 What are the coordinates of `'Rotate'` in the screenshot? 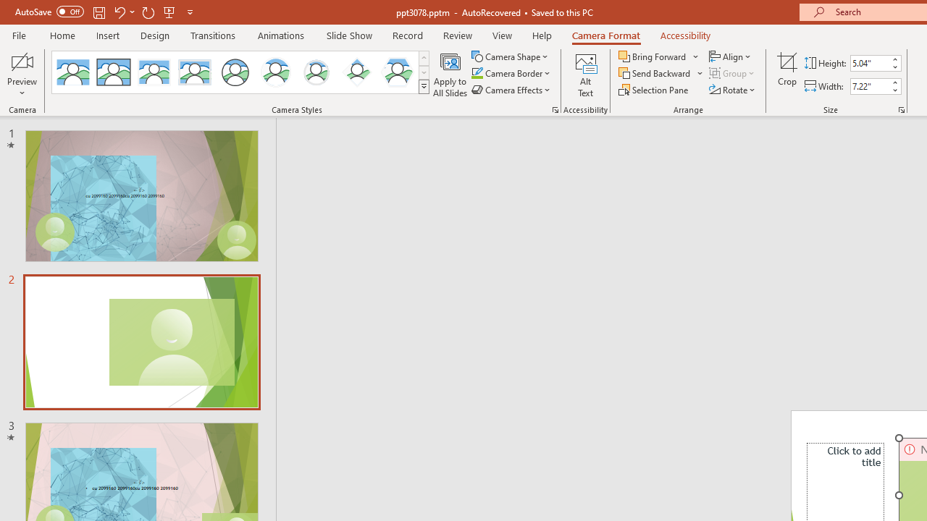 It's located at (733, 90).